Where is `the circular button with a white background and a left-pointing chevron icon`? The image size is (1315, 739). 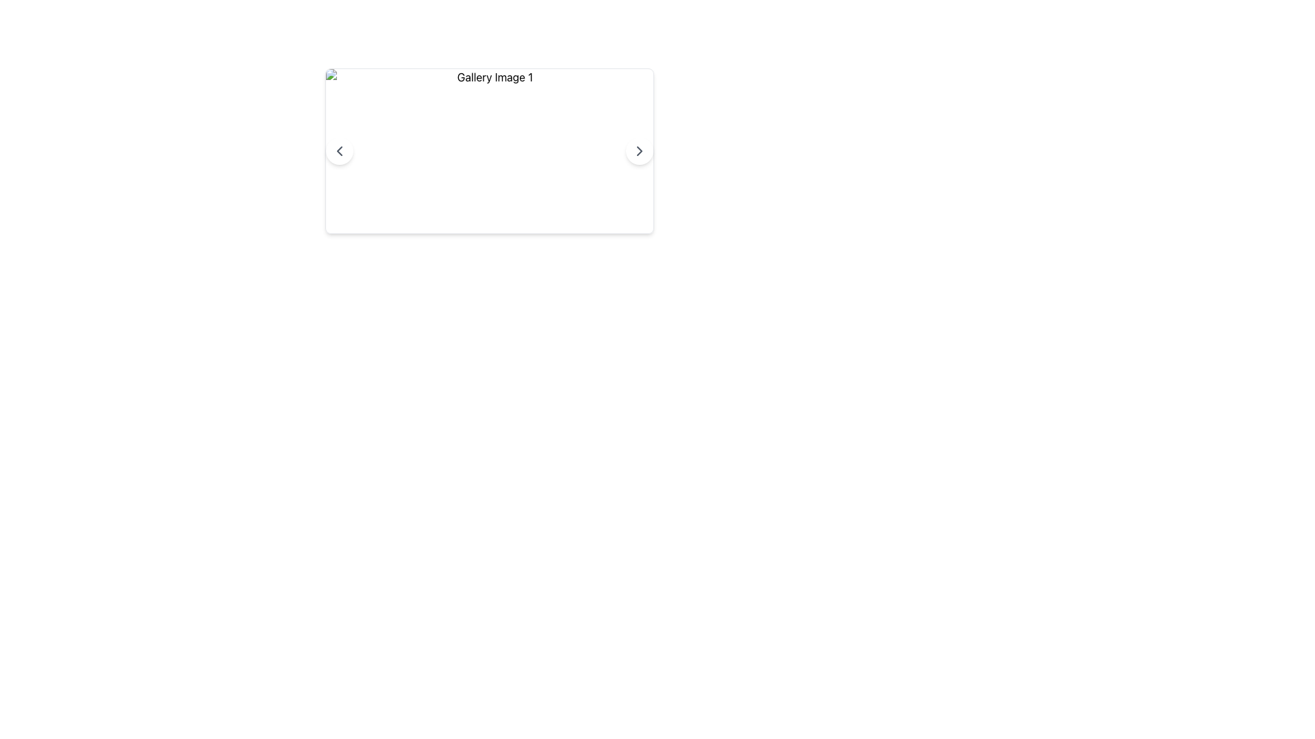
the circular button with a white background and a left-pointing chevron icon is located at coordinates (339, 151).